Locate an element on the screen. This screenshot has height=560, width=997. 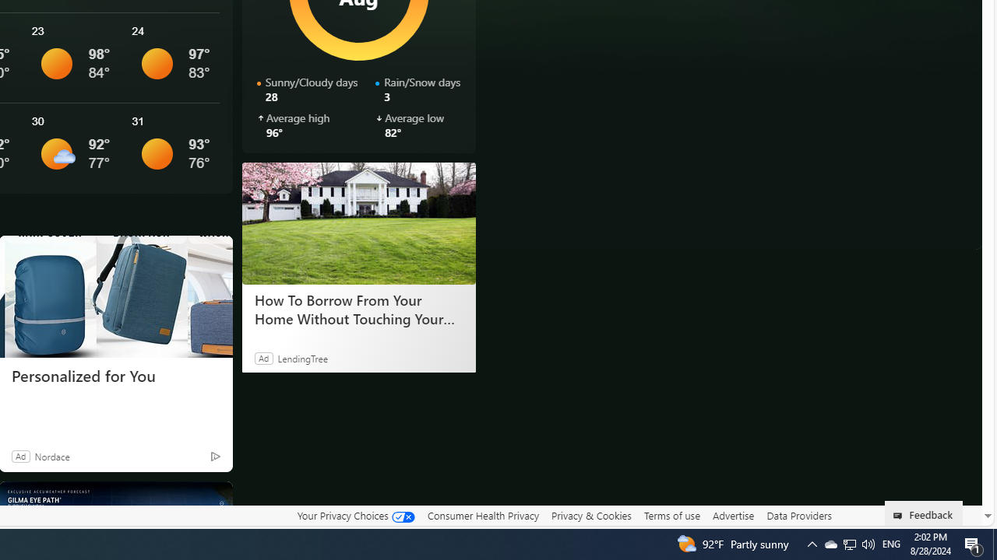
'Terms of use' is located at coordinates (671, 516).